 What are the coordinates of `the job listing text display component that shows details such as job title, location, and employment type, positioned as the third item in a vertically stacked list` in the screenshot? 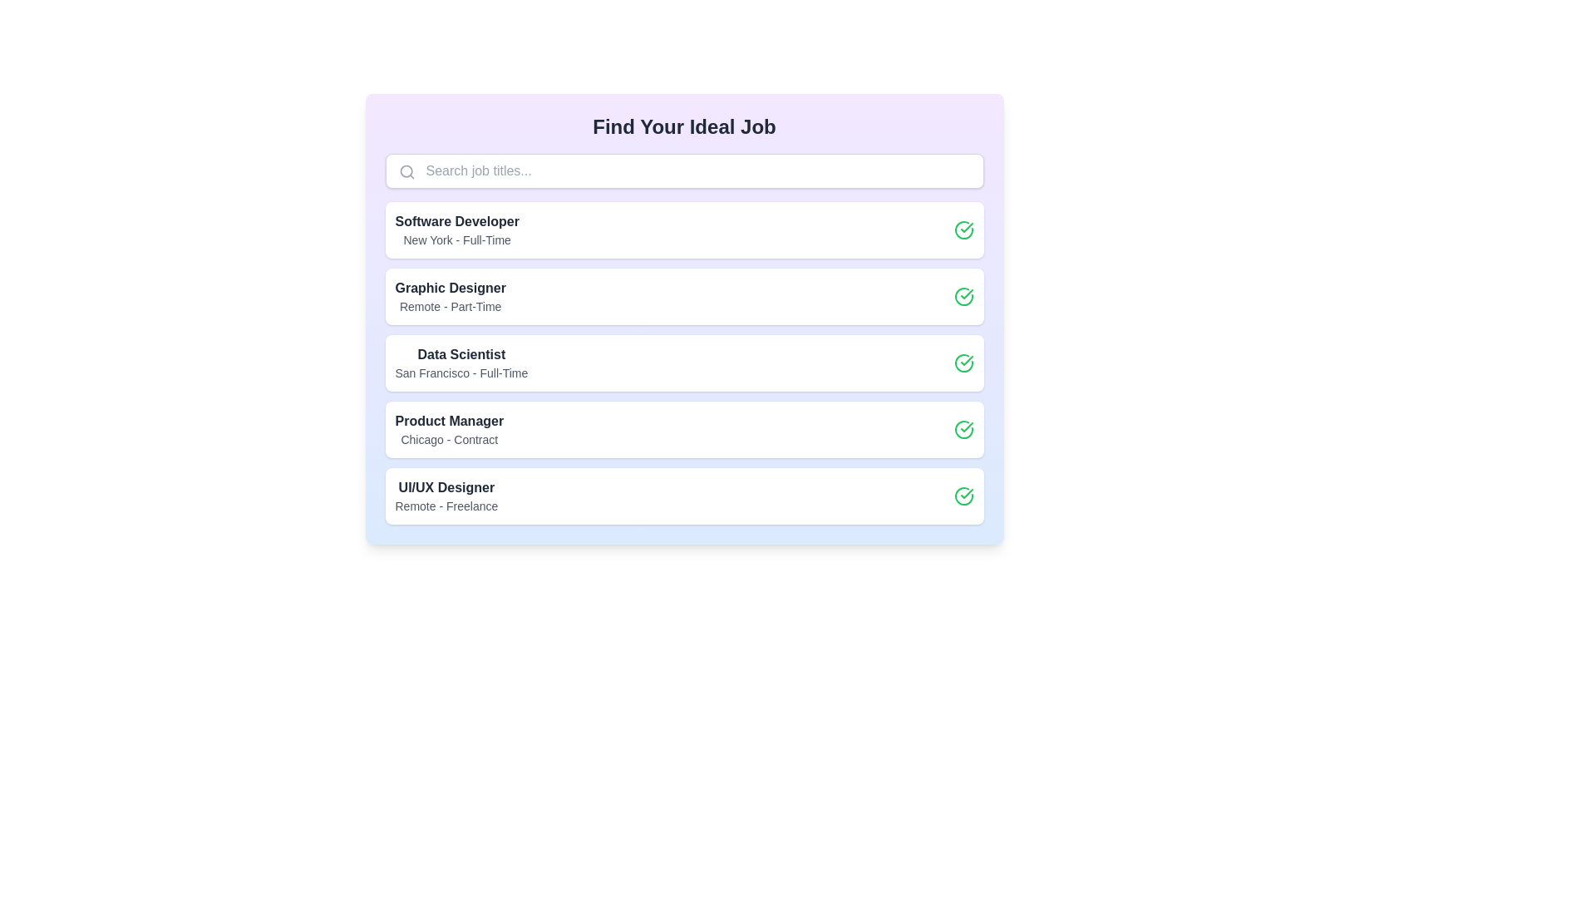 It's located at (461, 362).